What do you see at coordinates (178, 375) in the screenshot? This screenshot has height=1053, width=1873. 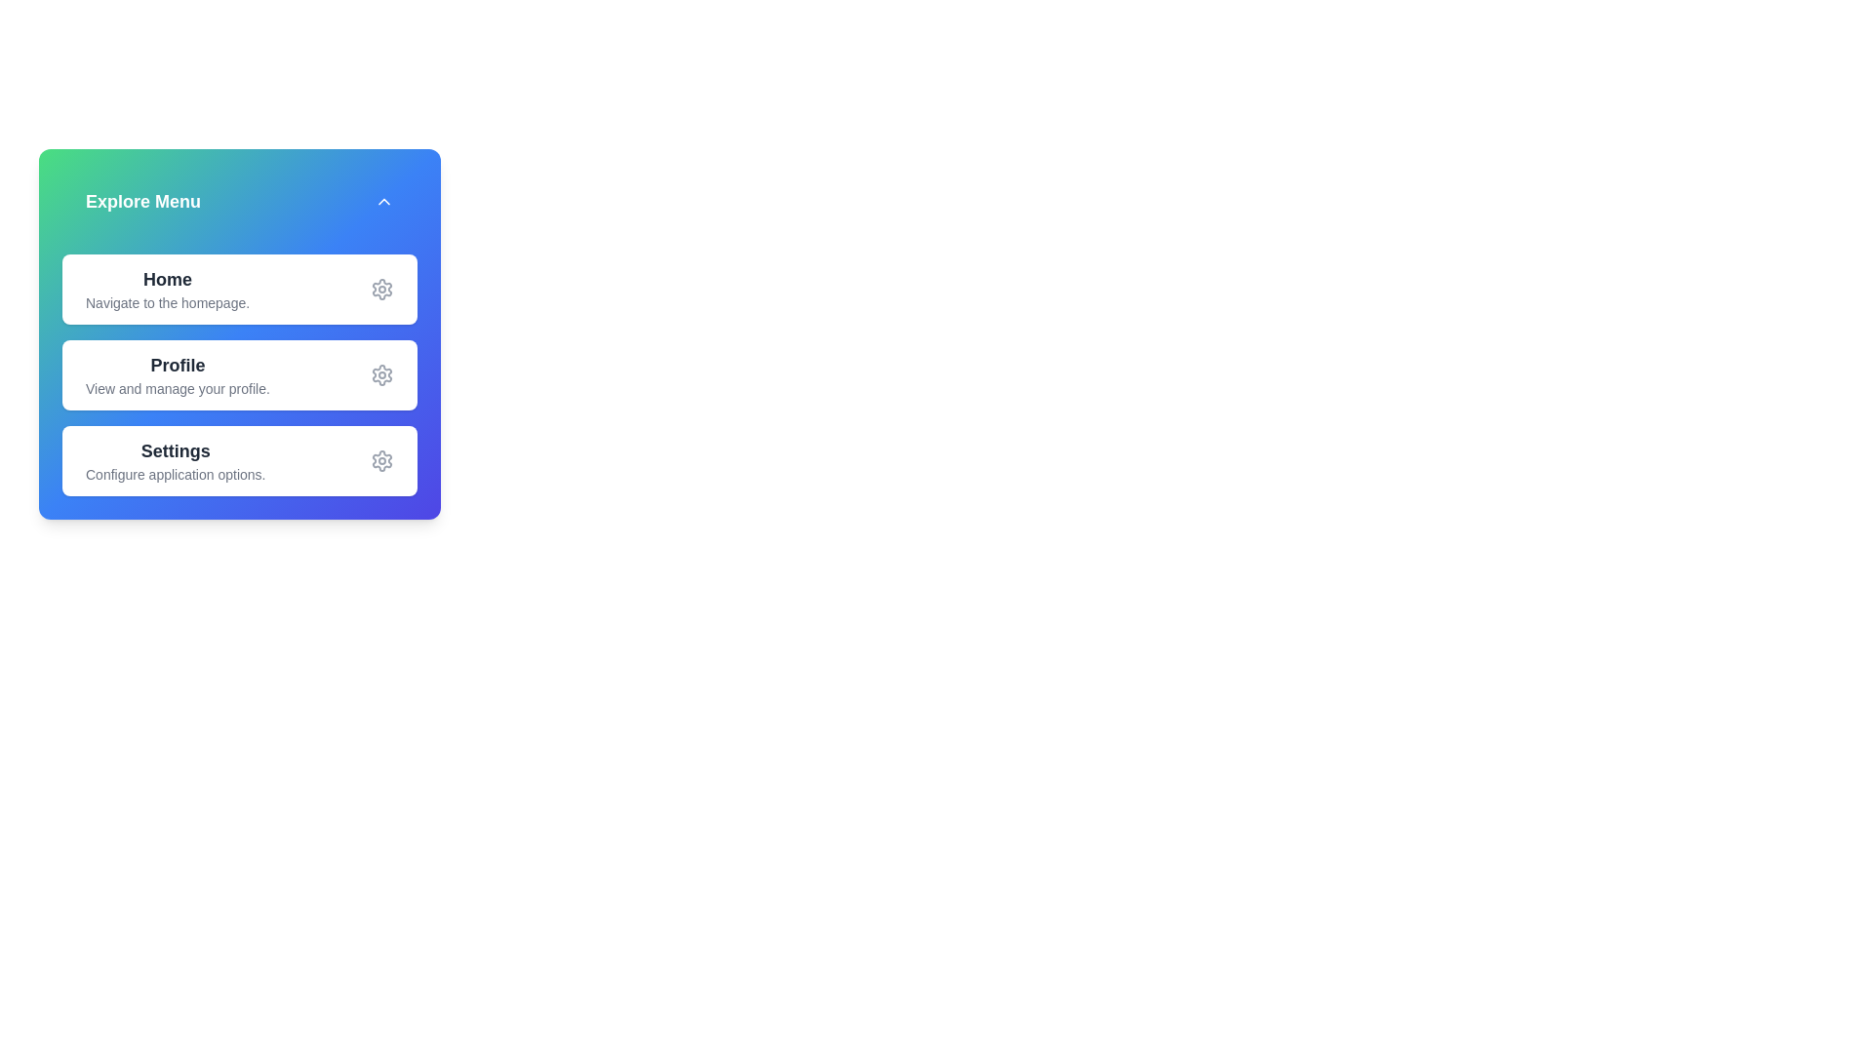 I see `the description of the menu item Profile` at bounding box center [178, 375].